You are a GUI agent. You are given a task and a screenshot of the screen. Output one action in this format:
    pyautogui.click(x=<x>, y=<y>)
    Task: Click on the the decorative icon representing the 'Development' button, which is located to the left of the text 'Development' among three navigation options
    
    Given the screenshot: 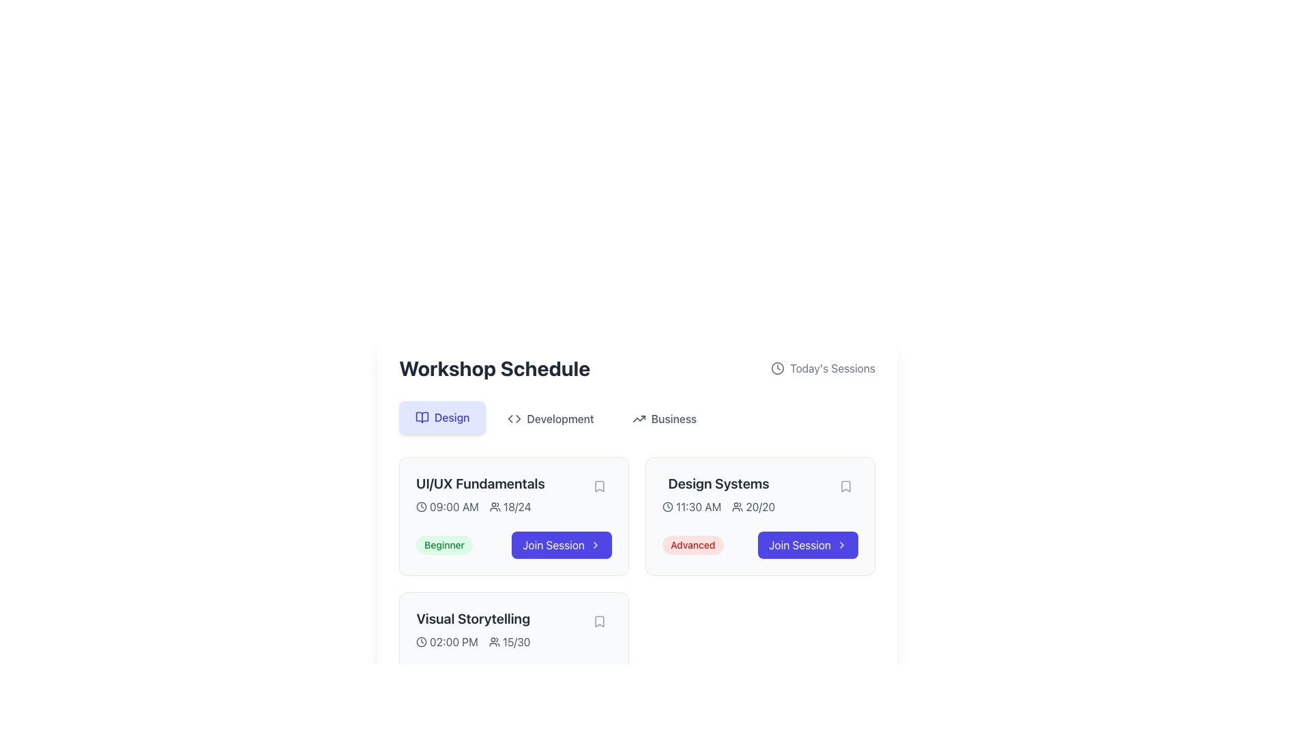 What is the action you would take?
    pyautogui.click(x=514, y=418)
    